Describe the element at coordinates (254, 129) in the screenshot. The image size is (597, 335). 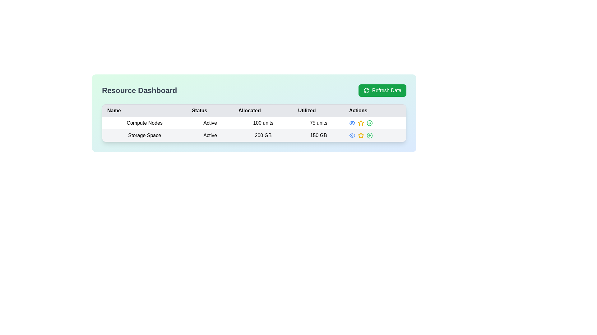
I see `details displayed in the first row of the table labeled 'Compute Nodes', which shows its status and resource allocation` at that location.